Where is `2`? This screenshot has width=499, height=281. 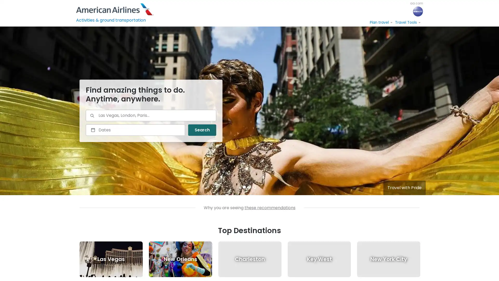
2 is located at coordinates (249, 112).